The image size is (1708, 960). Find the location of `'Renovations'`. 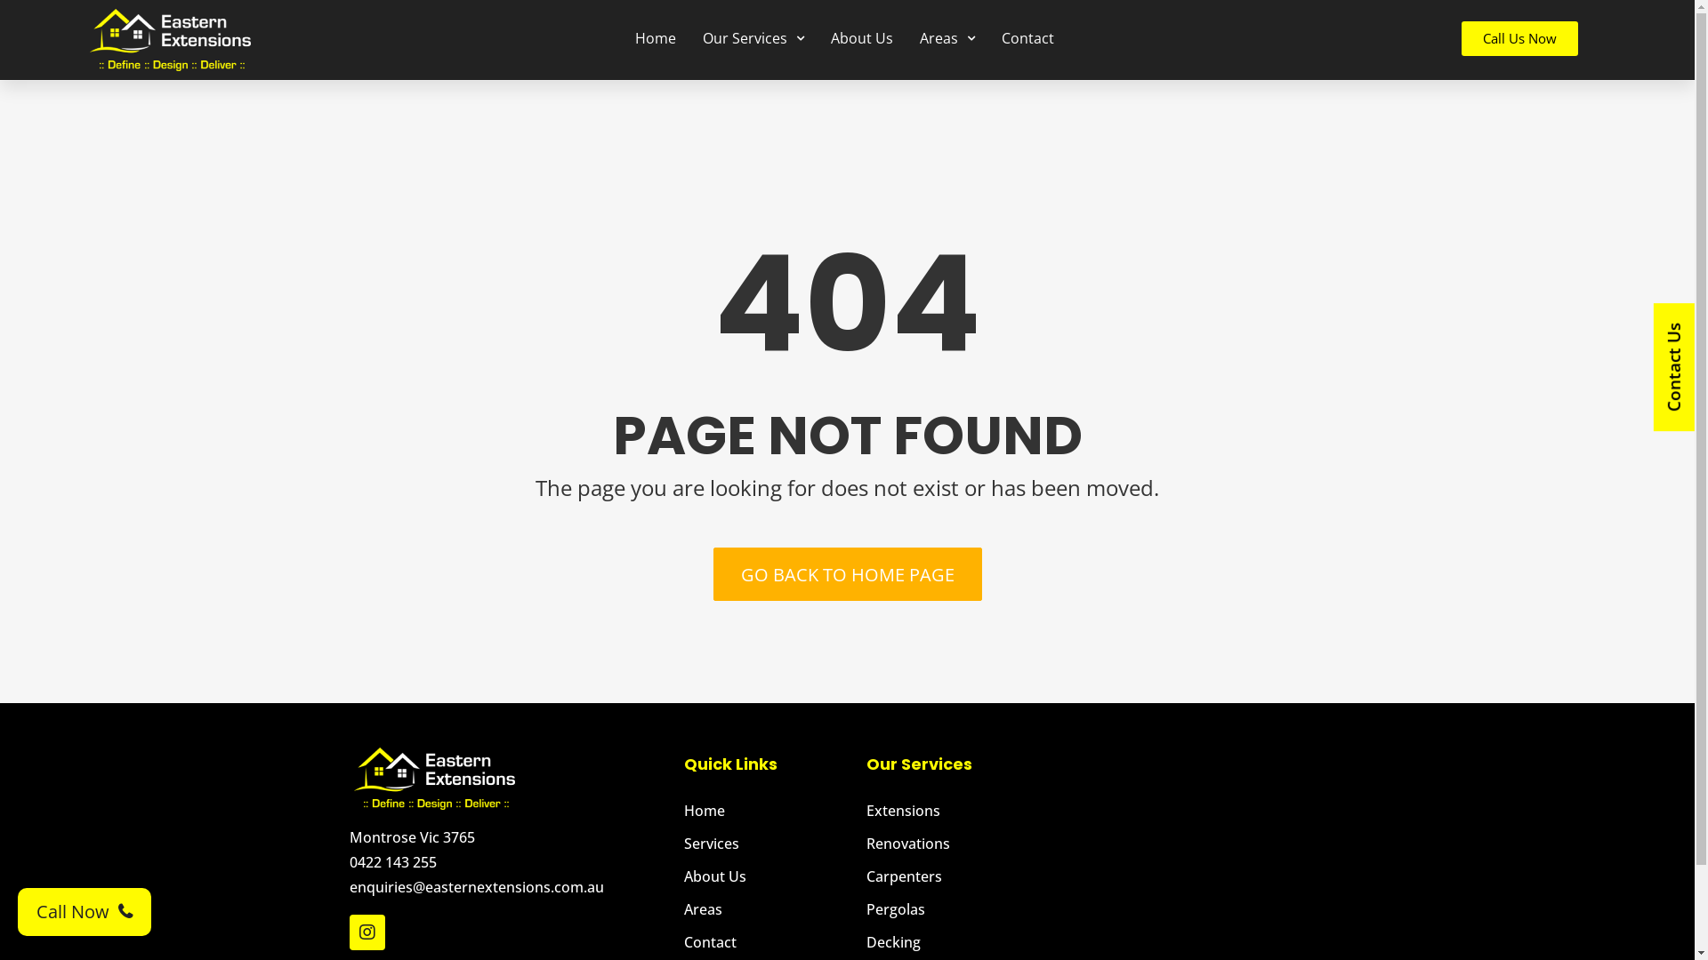

'Renovations' is located at coordinates (953, 842).